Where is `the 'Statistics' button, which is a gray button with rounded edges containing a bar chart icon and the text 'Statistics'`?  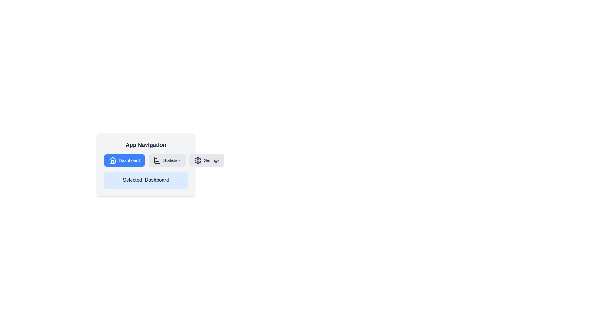
the 'Statistics' button, which is a gray button with rounded edges containing a bar chart icon and the text 'Statistics' is located at coordinates (167, 160).